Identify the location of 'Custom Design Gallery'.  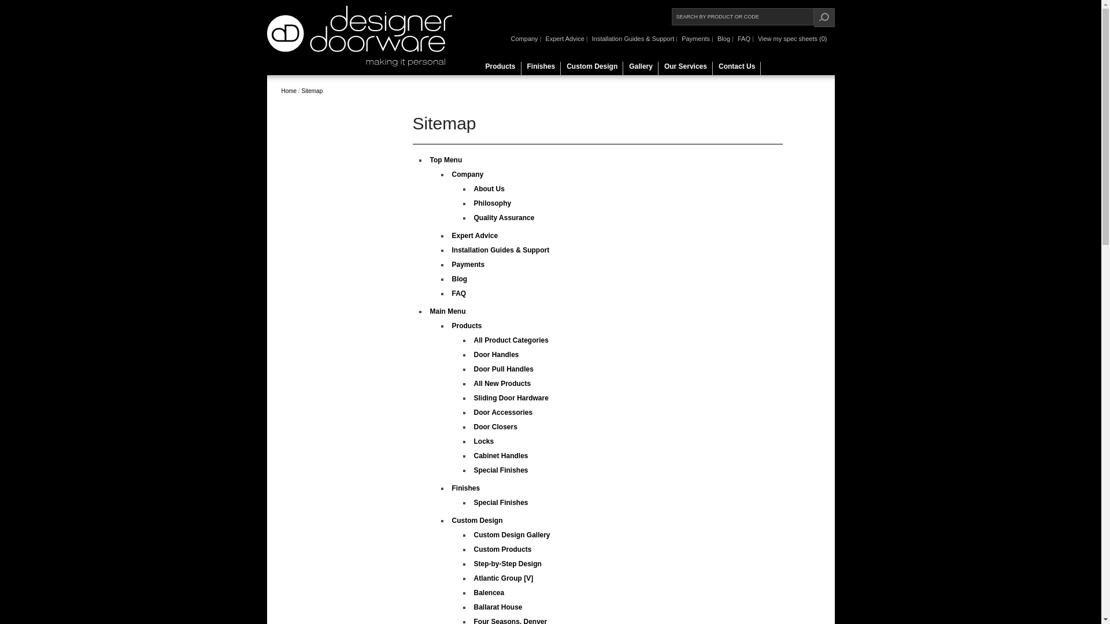
(512, 534).